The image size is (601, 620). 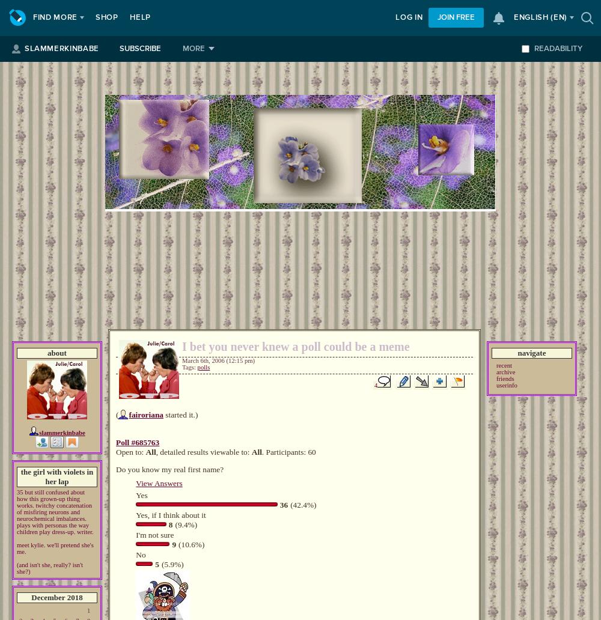 I want to click on '5.9', so click(x=169, y=563).